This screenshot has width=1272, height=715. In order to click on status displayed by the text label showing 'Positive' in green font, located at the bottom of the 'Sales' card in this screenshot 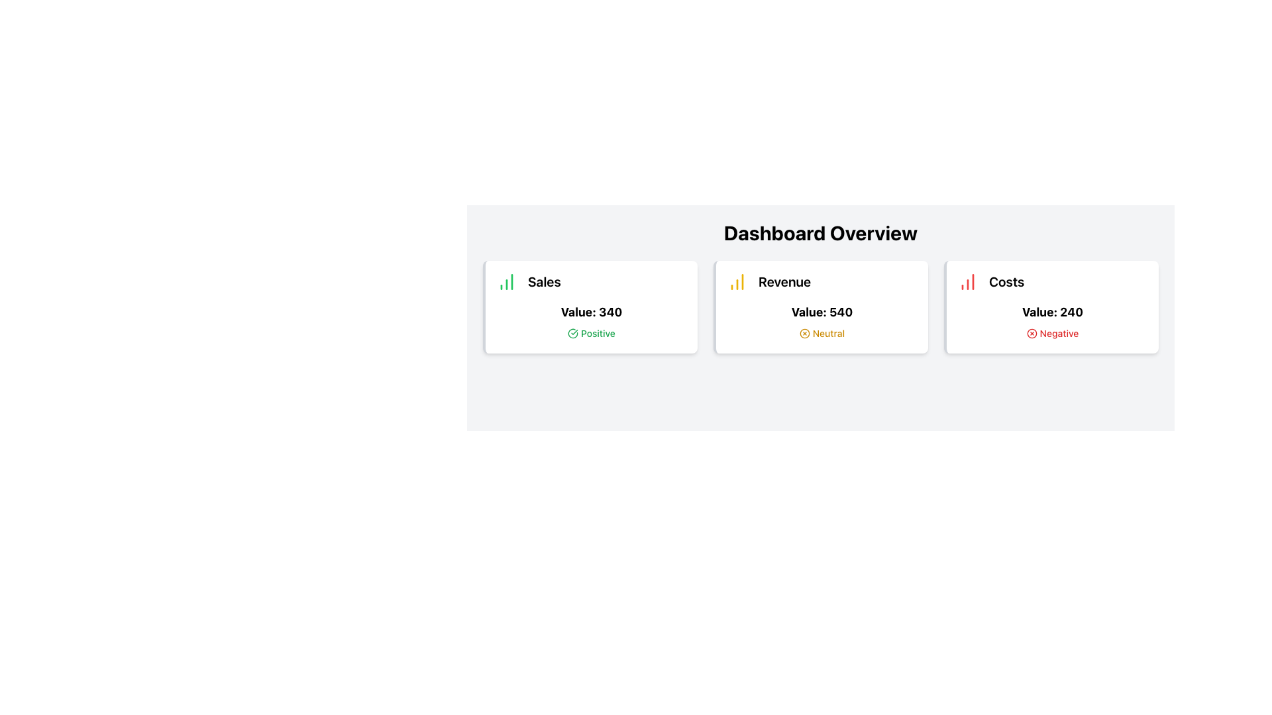, I will do `click(597, 333)`.